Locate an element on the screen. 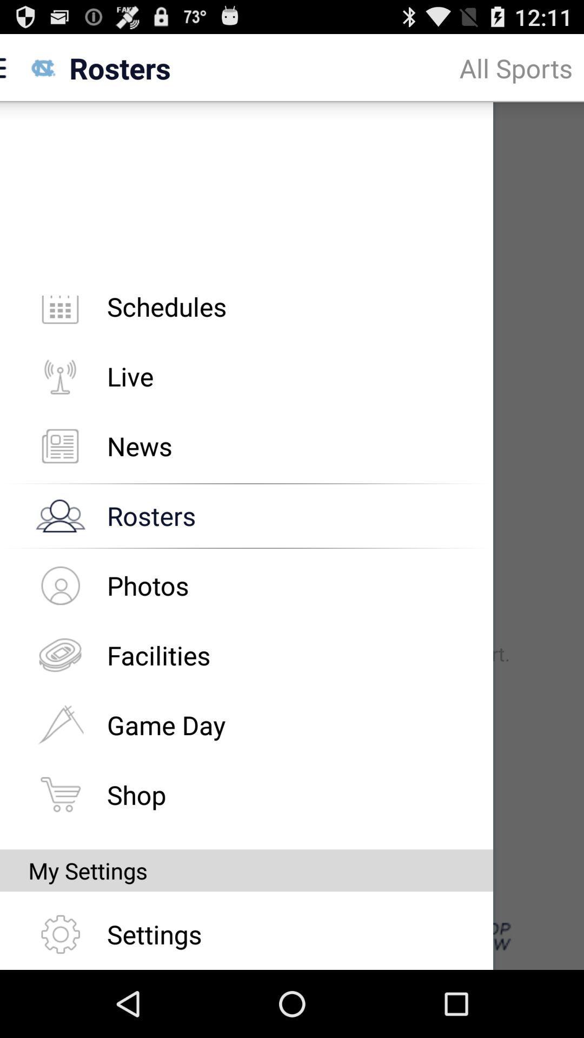 This screenshot has width=584, height=1038. the icon beside schedules is located at coordinates (60, 313).